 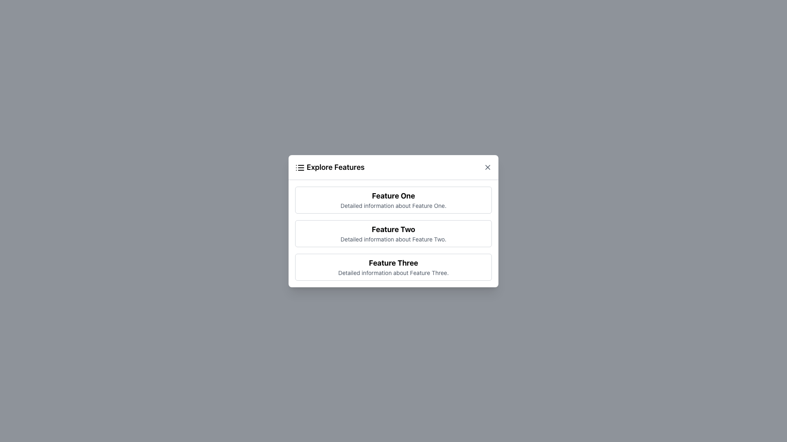 What do you see at coordinates (393, 273) in the screenshot?
I see `text content of the Text Label displaying 'Detailed information about Feature Three.' which is positioned below the title 'Feature Three' in the third feature card` at bounding box center [393, 273].